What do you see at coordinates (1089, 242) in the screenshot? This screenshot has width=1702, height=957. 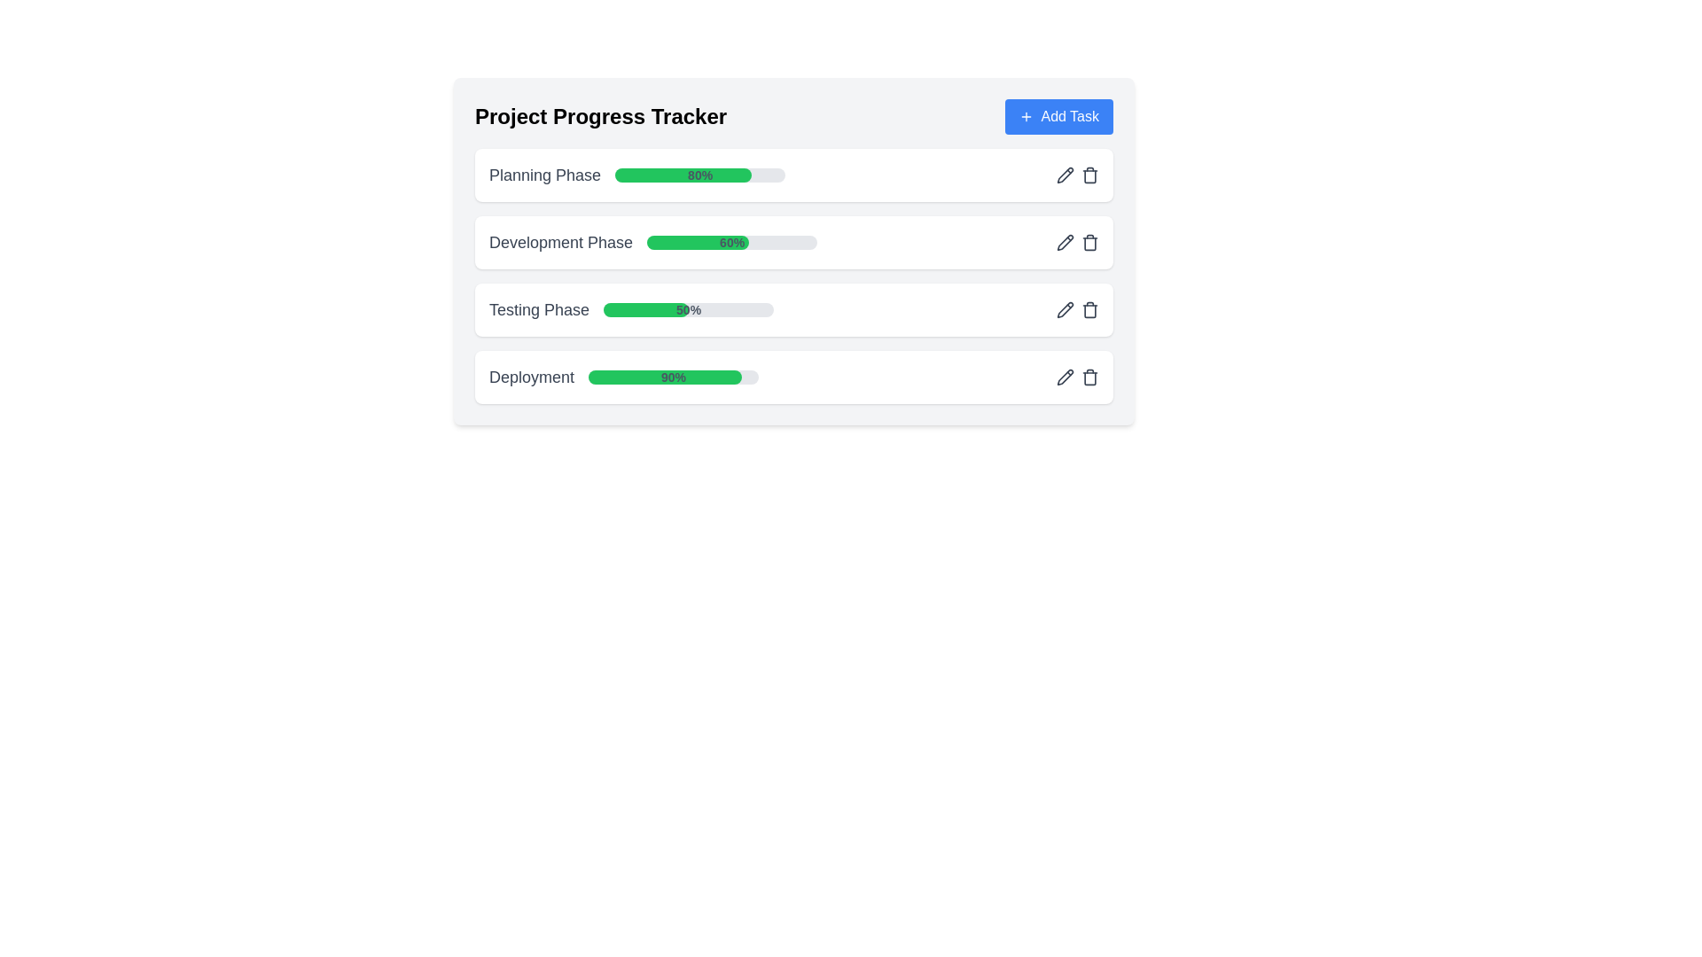 I see `the trash can icon, which is styled in gray and changes to red on hover, located in the third row of the task list, next to the edit icon` at bounding box center [1089, 242].